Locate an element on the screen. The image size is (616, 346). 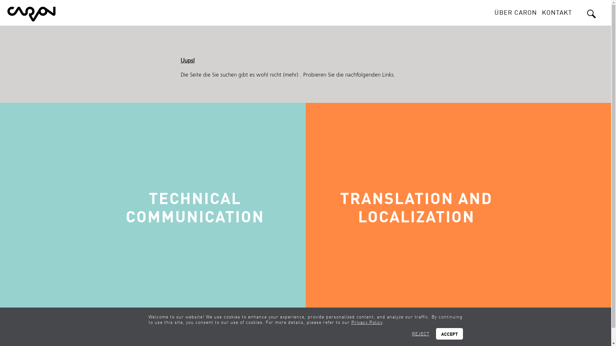
'REJECT' is located at coordinates (421, 333).